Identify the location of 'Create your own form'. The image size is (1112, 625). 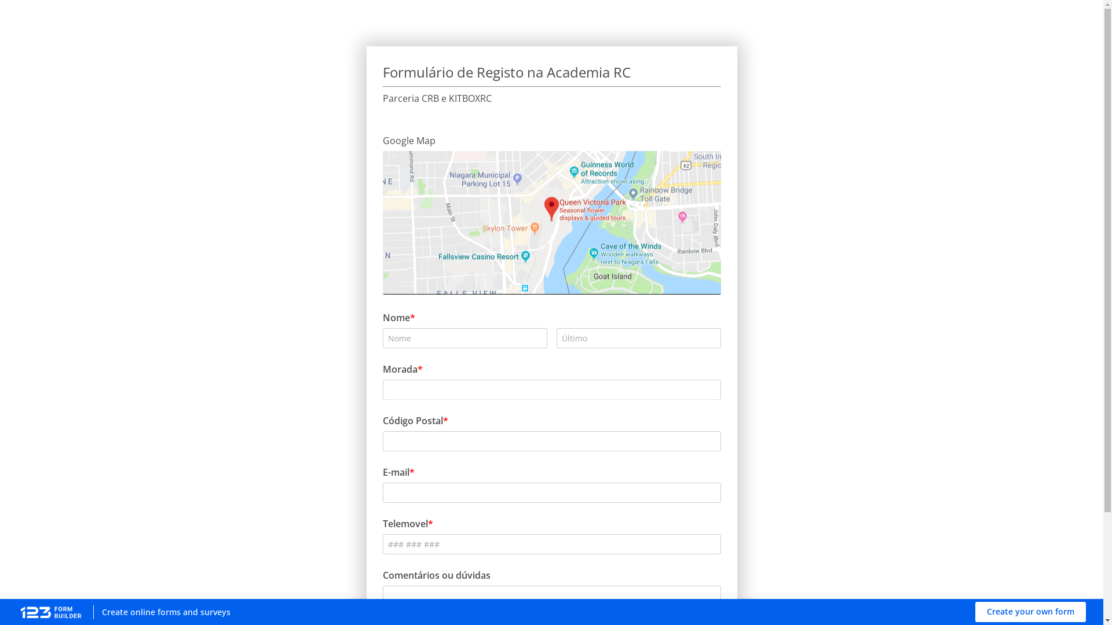
(975, 611).